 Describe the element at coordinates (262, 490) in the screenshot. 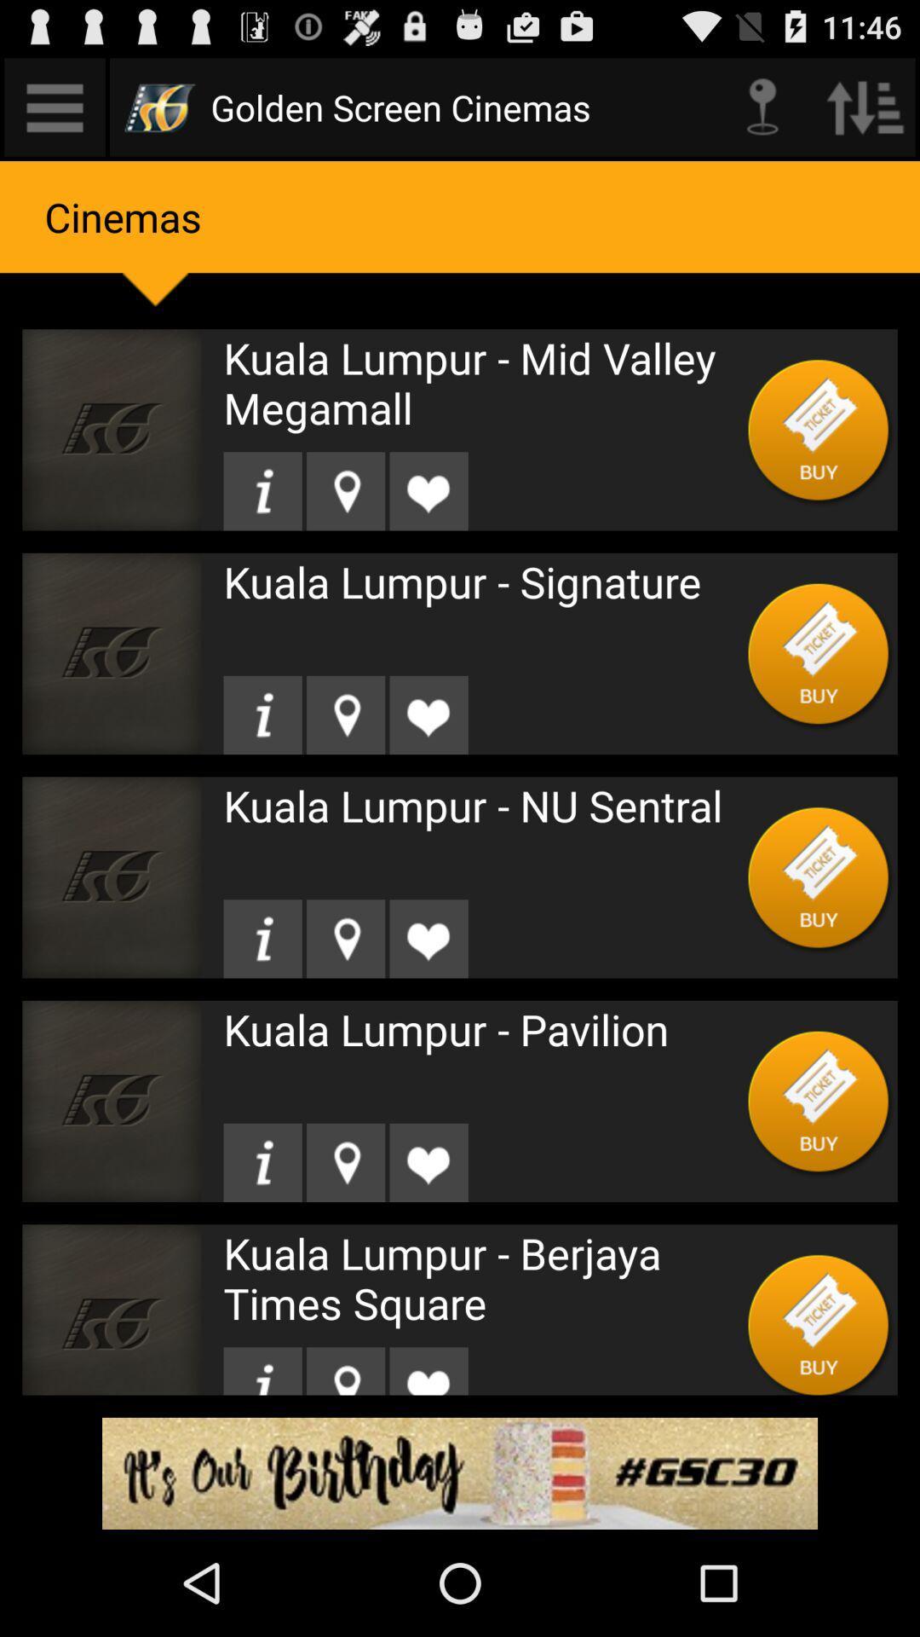

I see `details option` at that location.